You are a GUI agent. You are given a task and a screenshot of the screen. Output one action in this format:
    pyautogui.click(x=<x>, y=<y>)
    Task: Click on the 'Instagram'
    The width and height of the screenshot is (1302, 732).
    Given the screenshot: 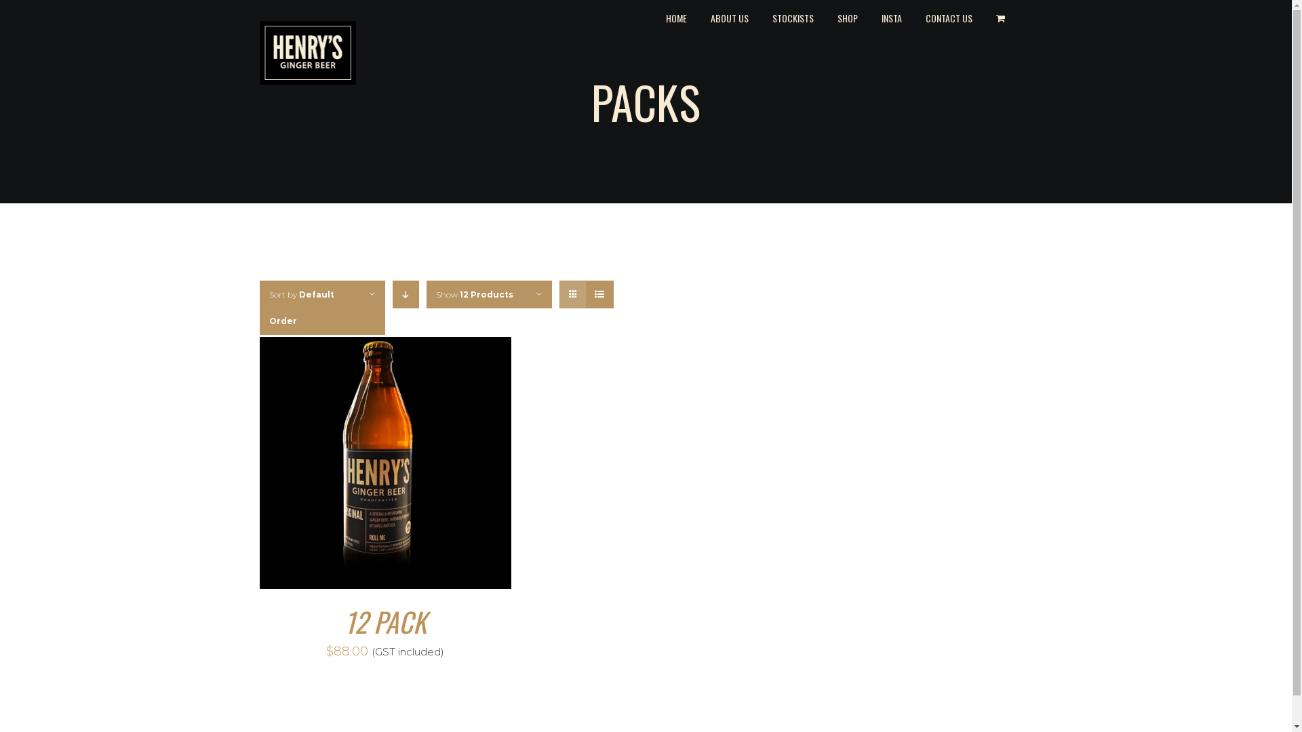 What is the action you would take?
    pyautogui.click(x=660, y=551)
    